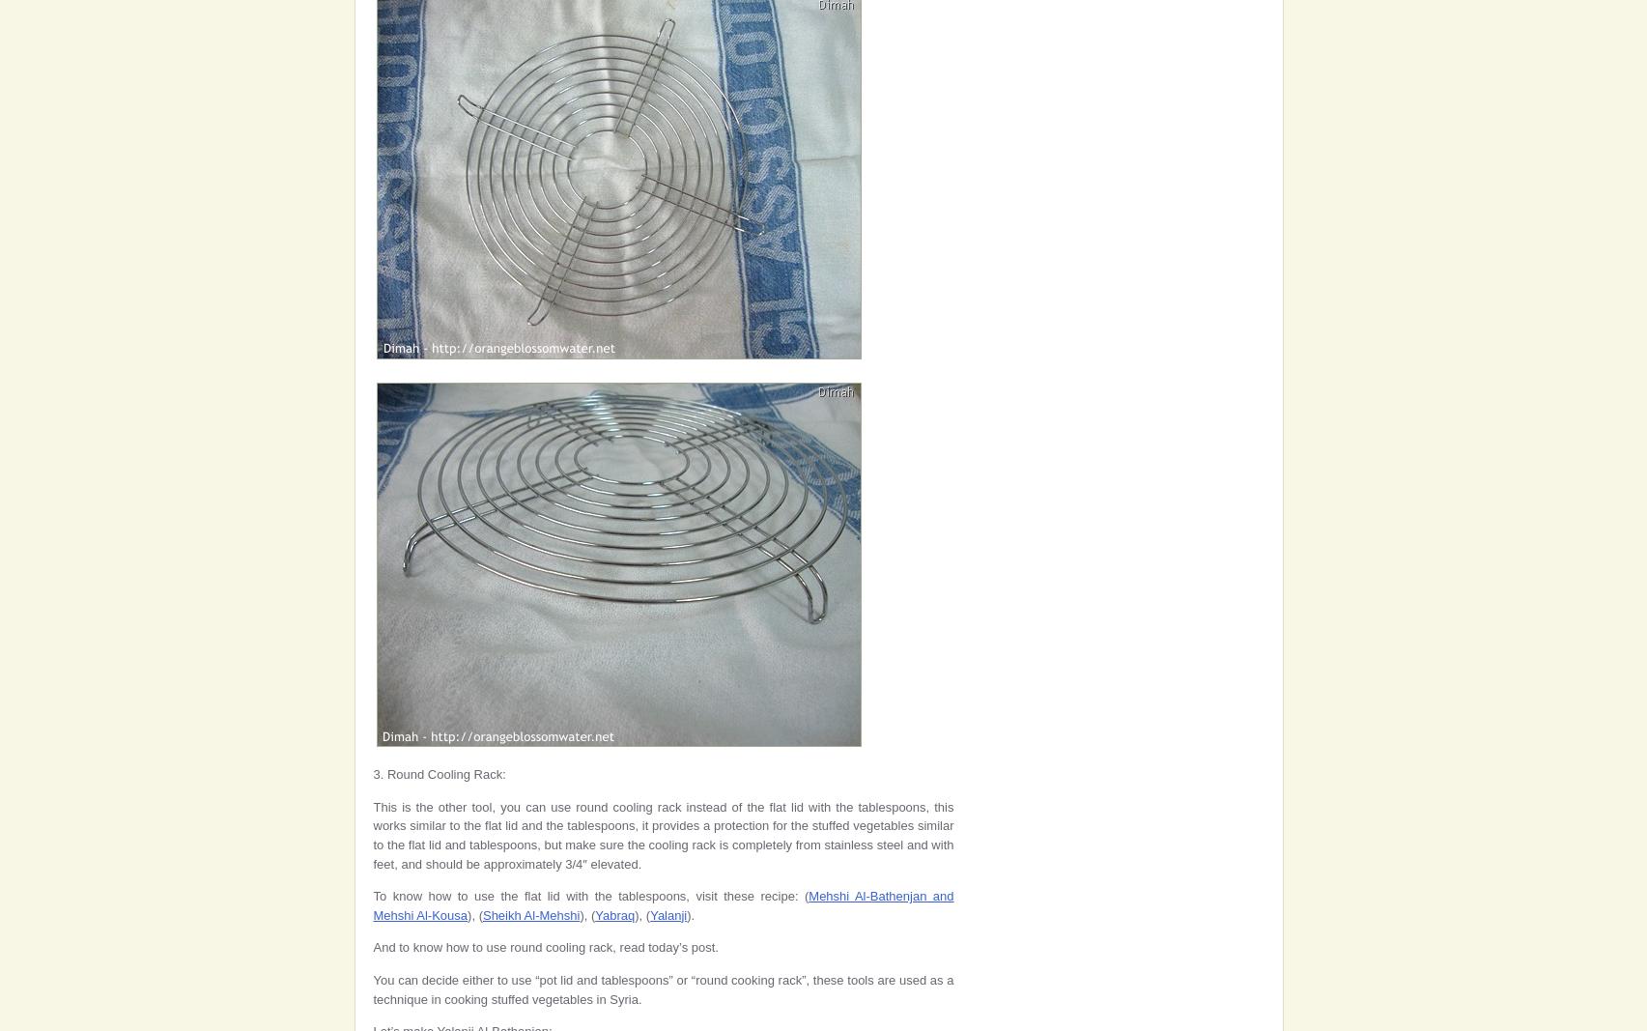  What do you see at coordinates (372, 896) in the screenshot?
I see `'To know how to use the flat lid with the tablespoons, visit these recipe:'` at bounding box center [372, 896].